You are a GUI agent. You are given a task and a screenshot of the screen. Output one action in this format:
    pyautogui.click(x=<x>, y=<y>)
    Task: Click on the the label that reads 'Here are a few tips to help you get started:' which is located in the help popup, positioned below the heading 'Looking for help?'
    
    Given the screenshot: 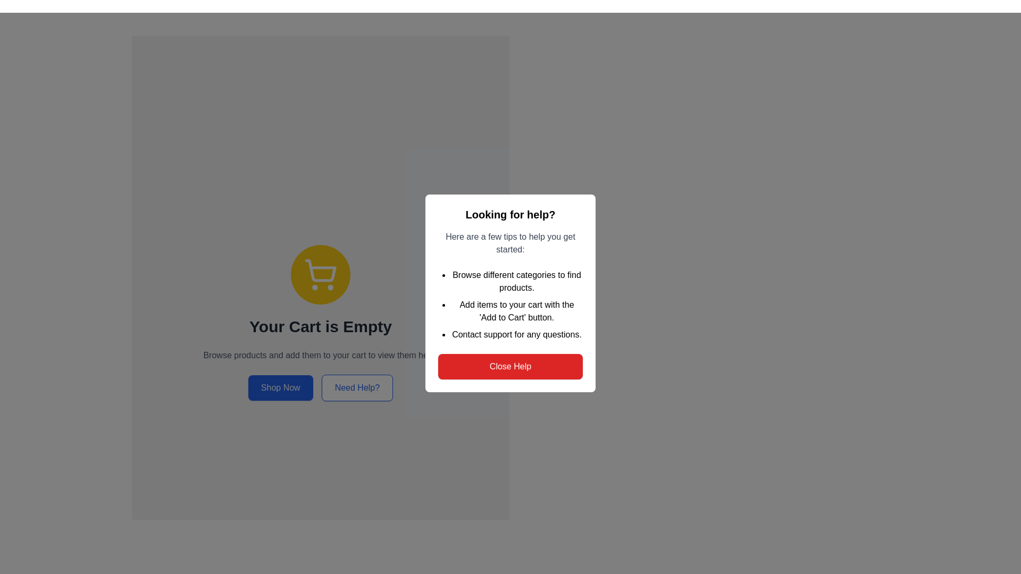 What is the action you would take?
    pyautogui.click(x=510, y=243)
    